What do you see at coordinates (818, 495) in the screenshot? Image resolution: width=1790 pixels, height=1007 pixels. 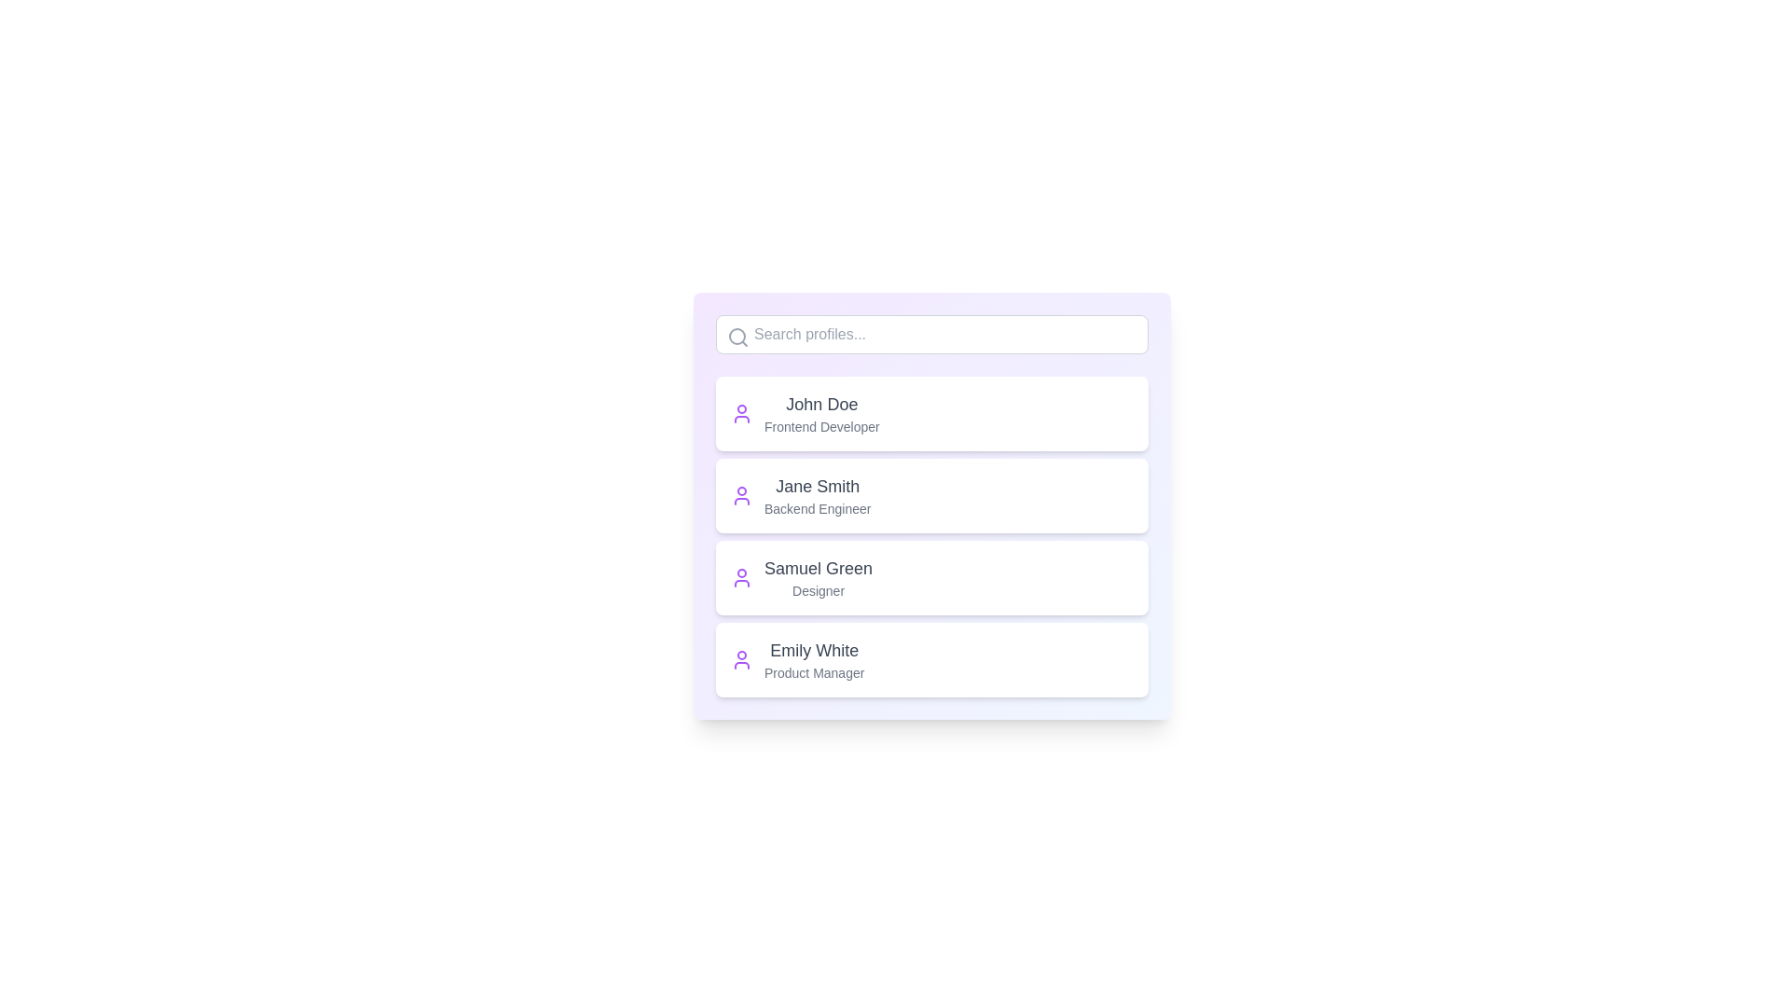 I see `the text display element containing 'Jane Smith', which is the second item in a vertical list of profiles` at bounding box center [818, 495].